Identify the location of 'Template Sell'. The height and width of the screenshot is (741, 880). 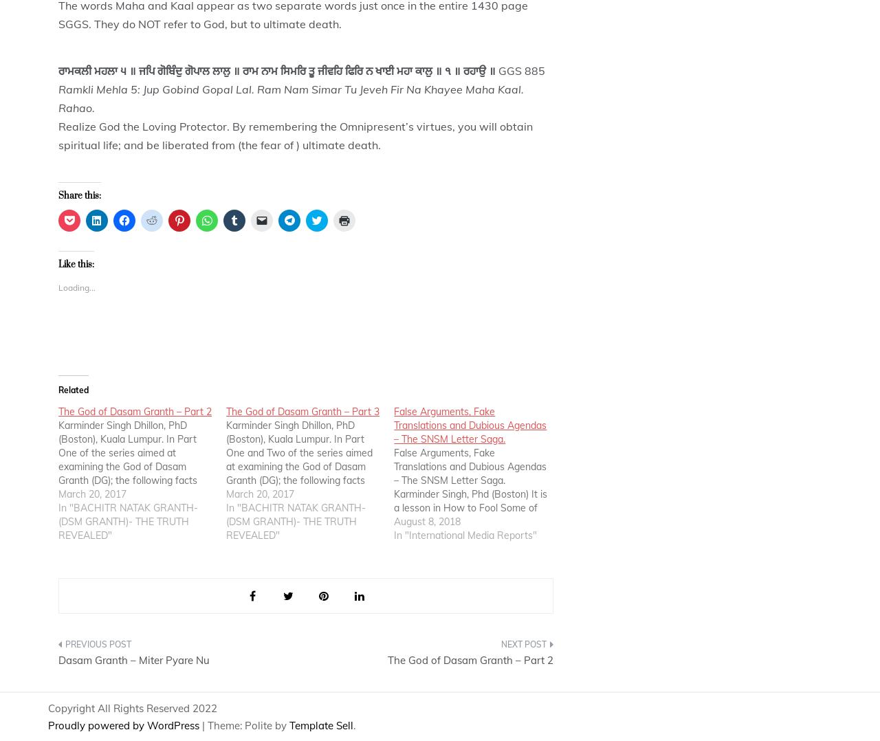
(320, 725).